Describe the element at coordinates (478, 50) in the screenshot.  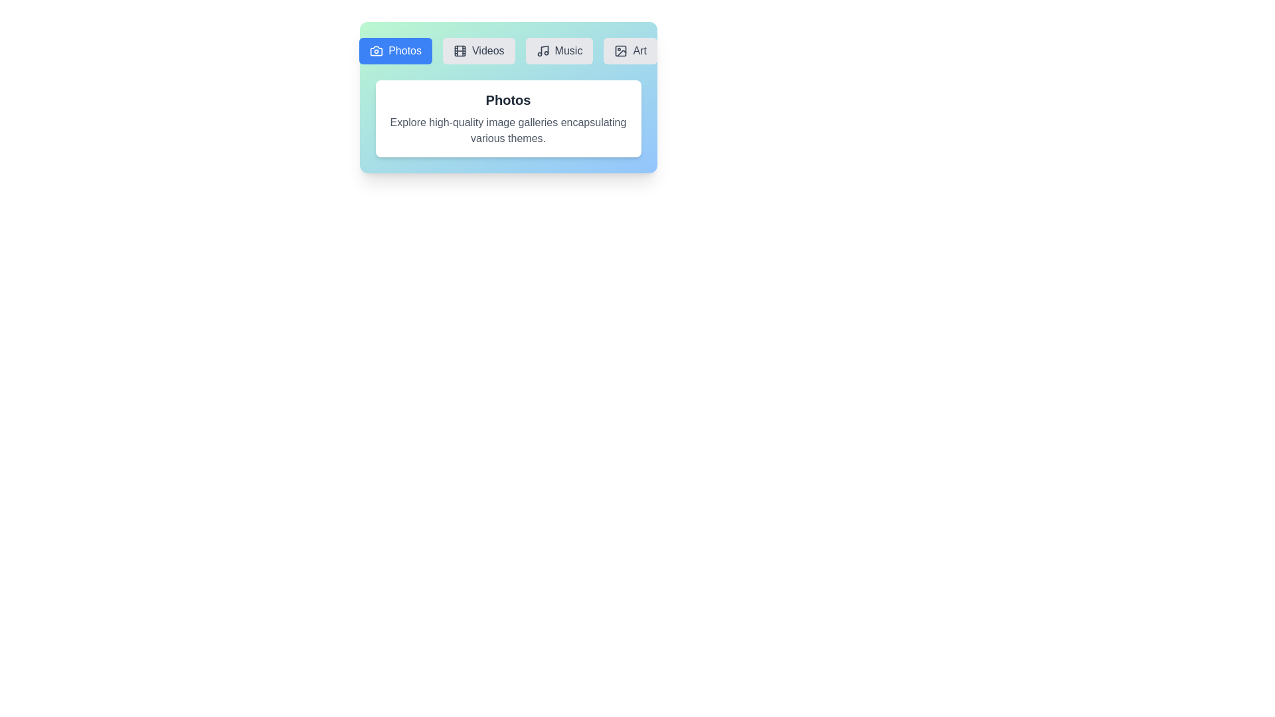
I see `the Videos tab` at that location.